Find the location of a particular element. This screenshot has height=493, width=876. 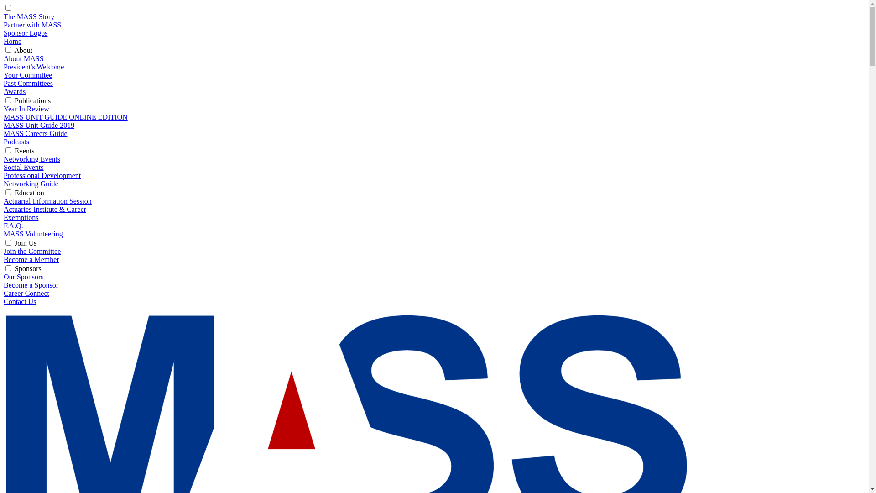

'MASS Volunteering' is located at coordinates (4, 233).